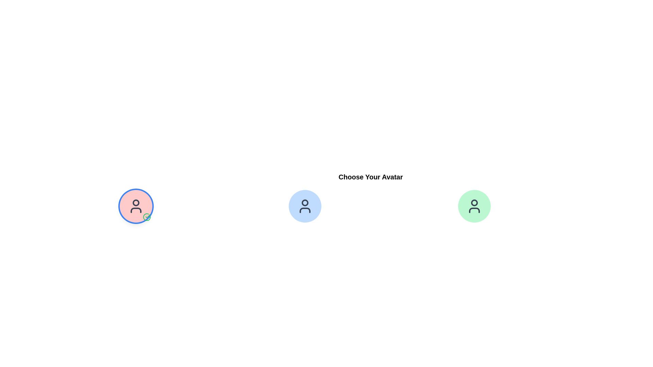 The height and width of the screenshot is (367, 653). What do you see at coordinates (147, 217) in the screenshot?
I see `the circular green checkmark icon located at the bottom-right corner of the user icon within a pink background` at bounding box center [147, 217].